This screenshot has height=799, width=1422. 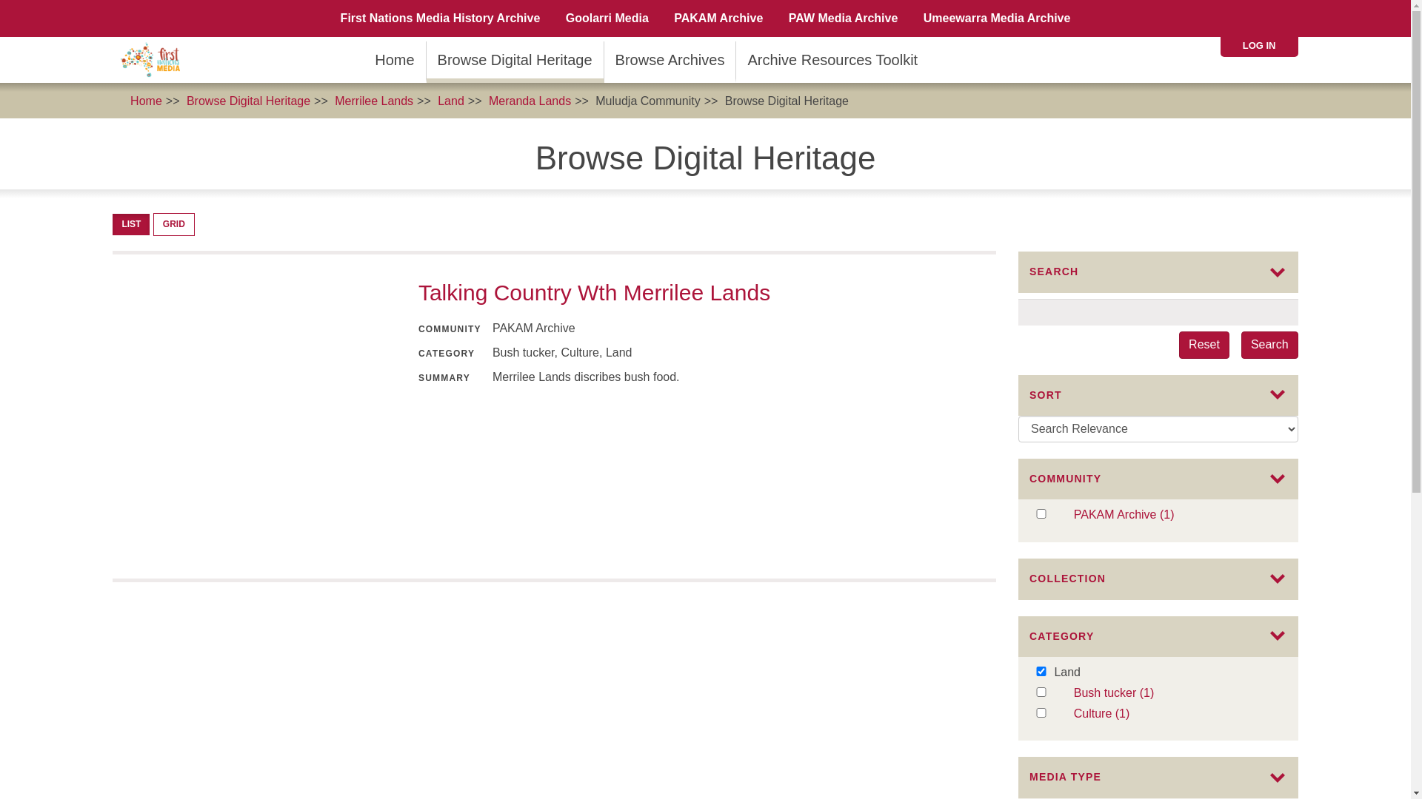 I want to click on 'Goolarri Media', so click(x=607, y=18).